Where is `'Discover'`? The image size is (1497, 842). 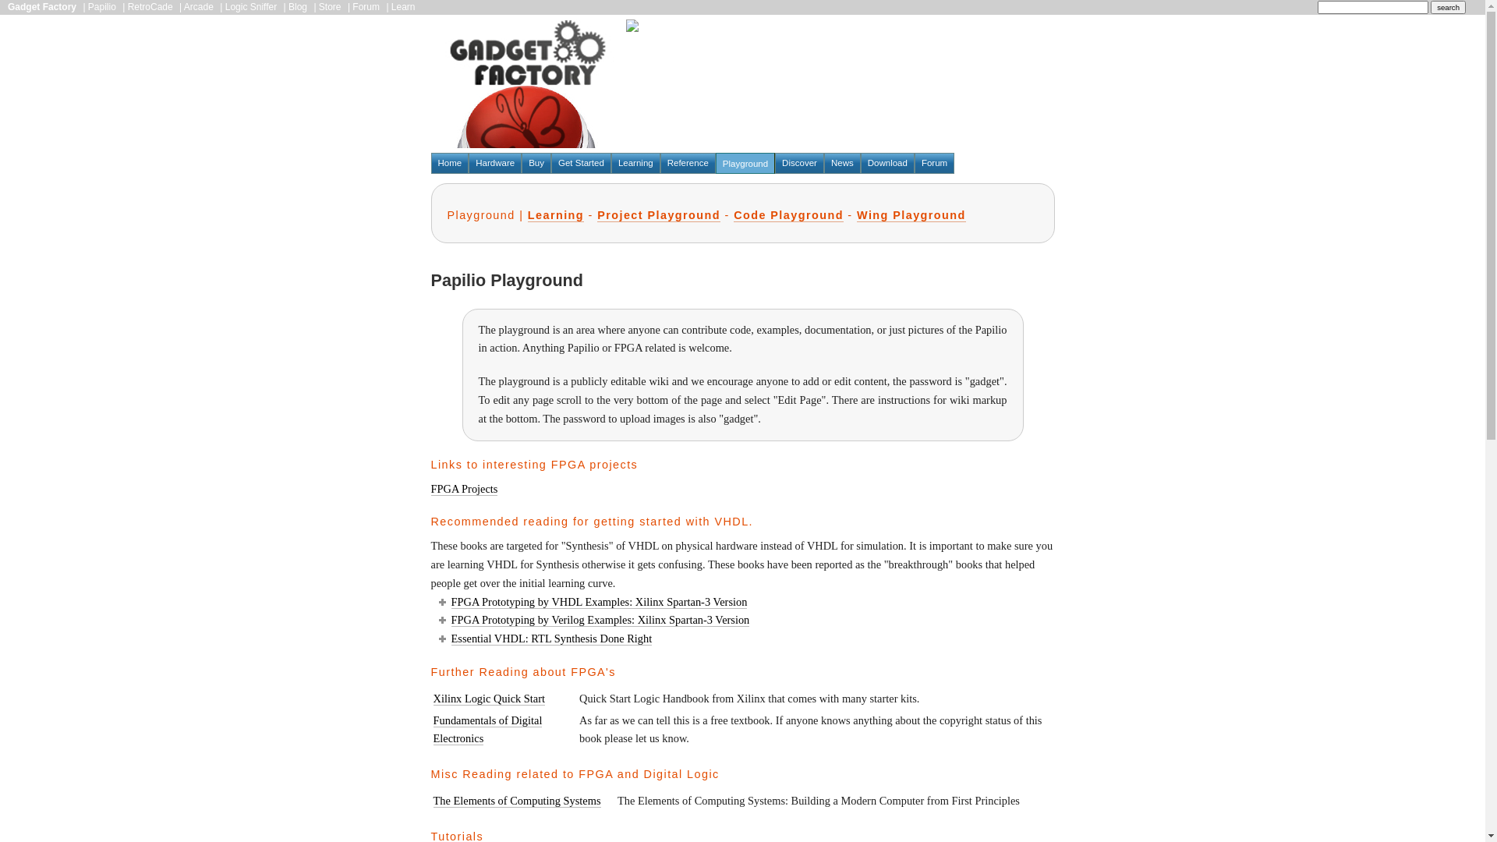 'Discover' is located at coordinates (799, 163).